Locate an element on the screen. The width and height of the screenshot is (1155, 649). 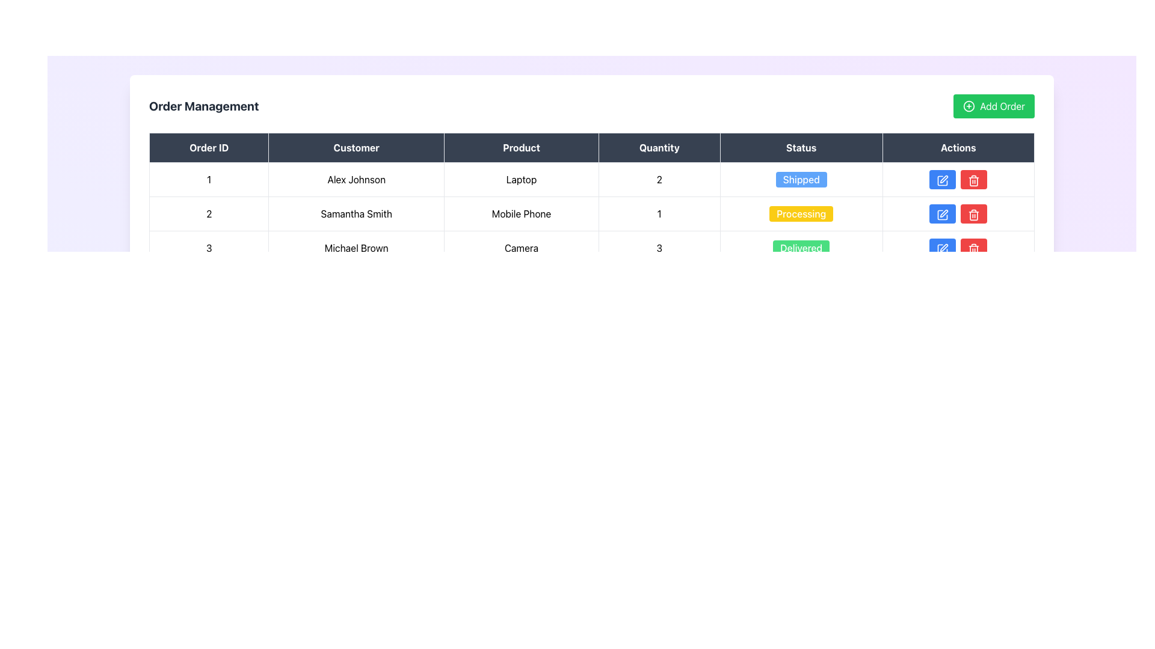
the 'Customer' table header cell, which labels the column containing customer information and is located between 'Order ID' and 'Product' is located at coordinates (356, 147).